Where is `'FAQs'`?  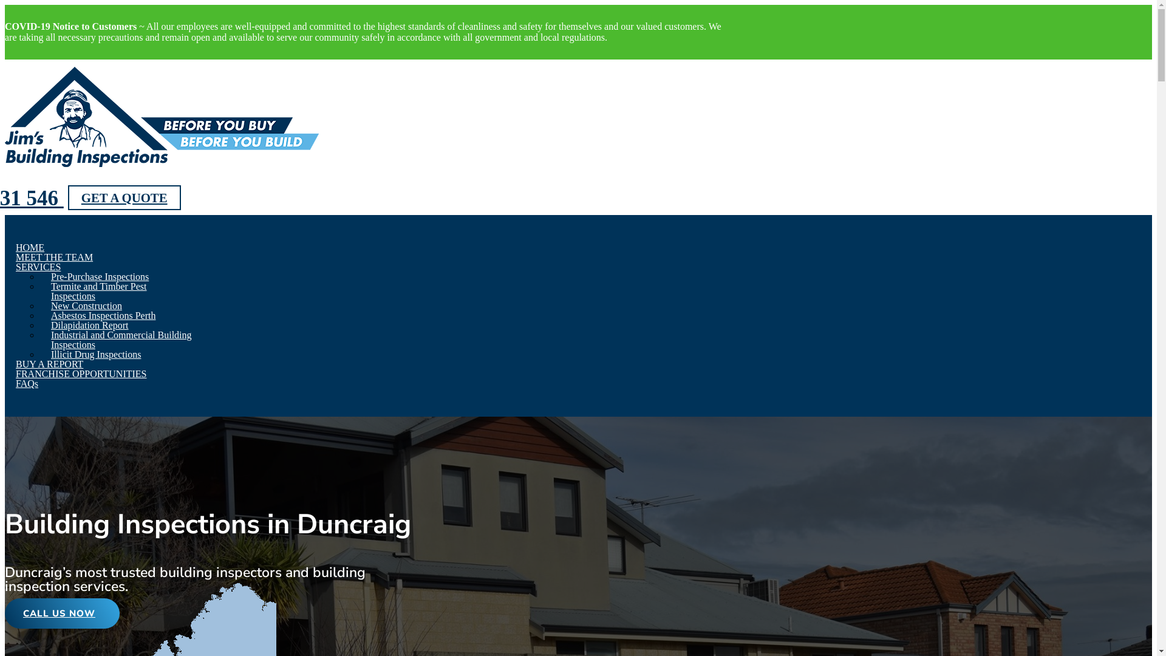
'FAQs' is located at coordinates (27, 383).